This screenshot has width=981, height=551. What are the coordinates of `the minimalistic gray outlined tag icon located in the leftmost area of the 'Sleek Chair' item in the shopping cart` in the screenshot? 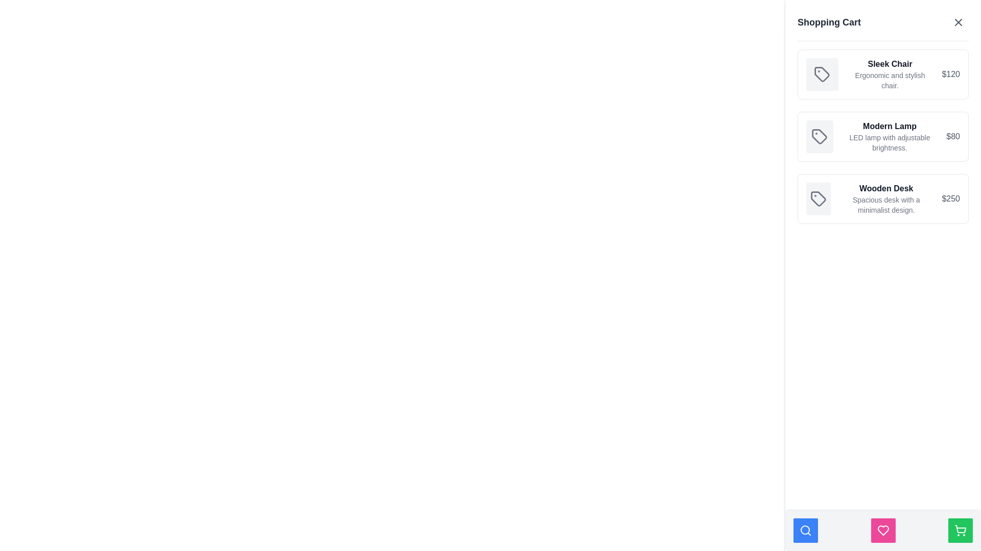 It's located at (822, 74).